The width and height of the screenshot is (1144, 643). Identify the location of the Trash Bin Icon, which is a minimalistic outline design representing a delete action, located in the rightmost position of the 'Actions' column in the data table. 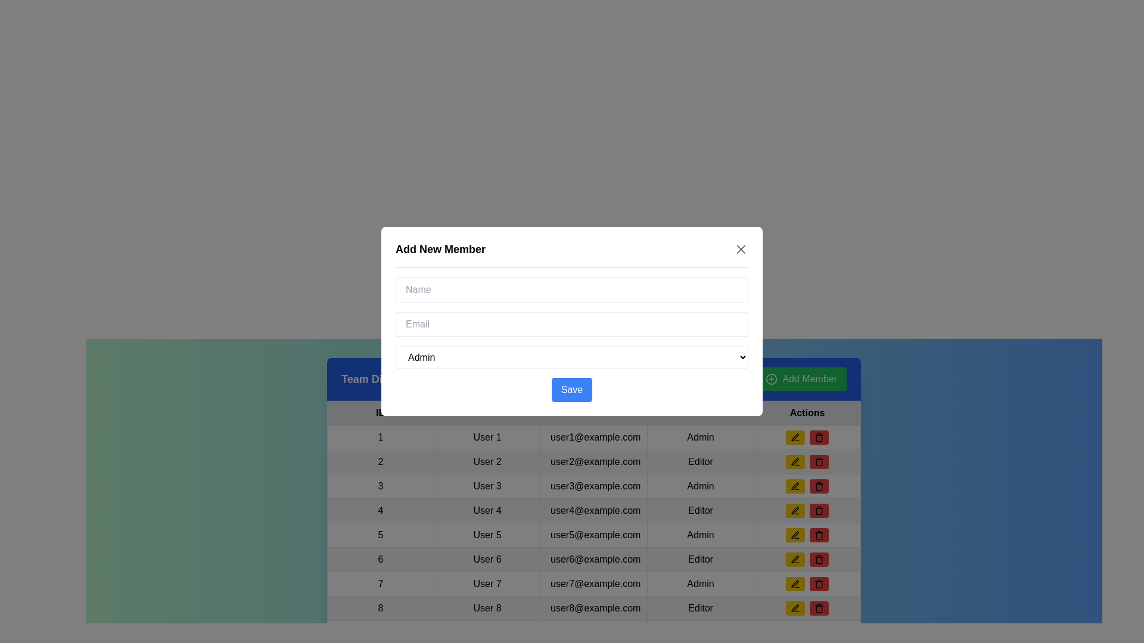
(818, 560).